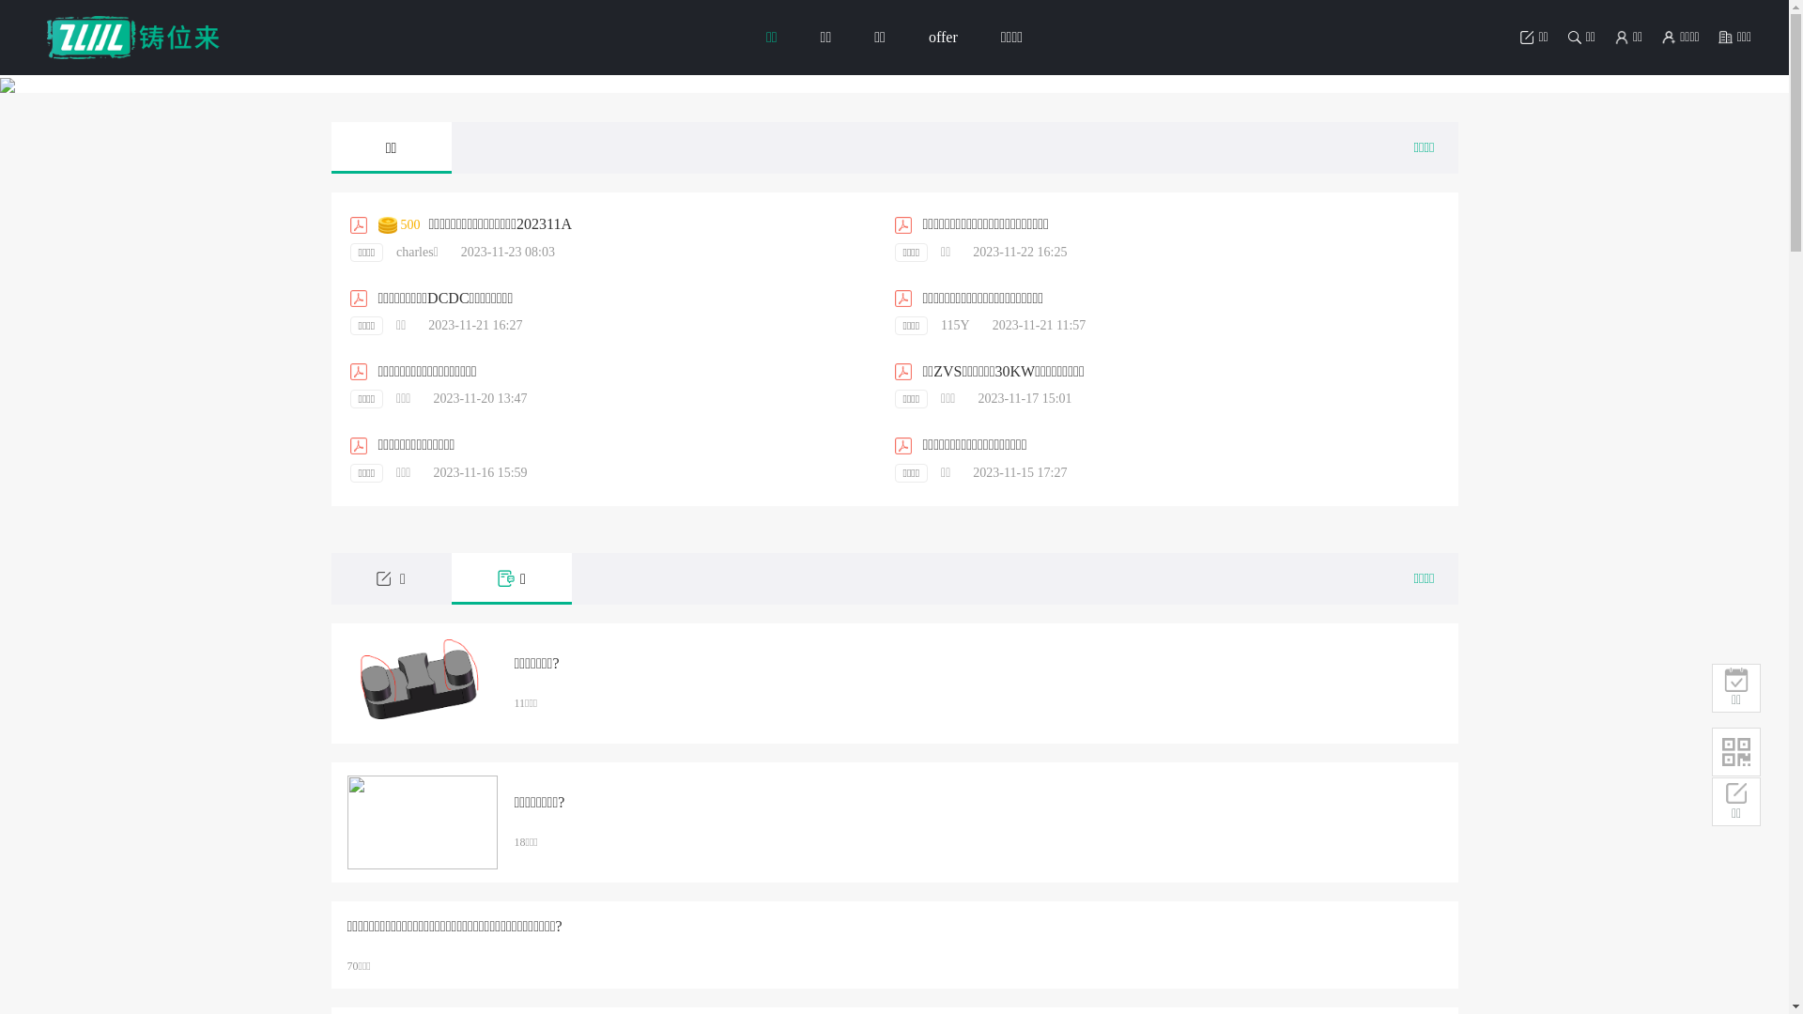  Describe the element at coordinates (943, 37) in the screenshot. I see `'offer'` at that location.